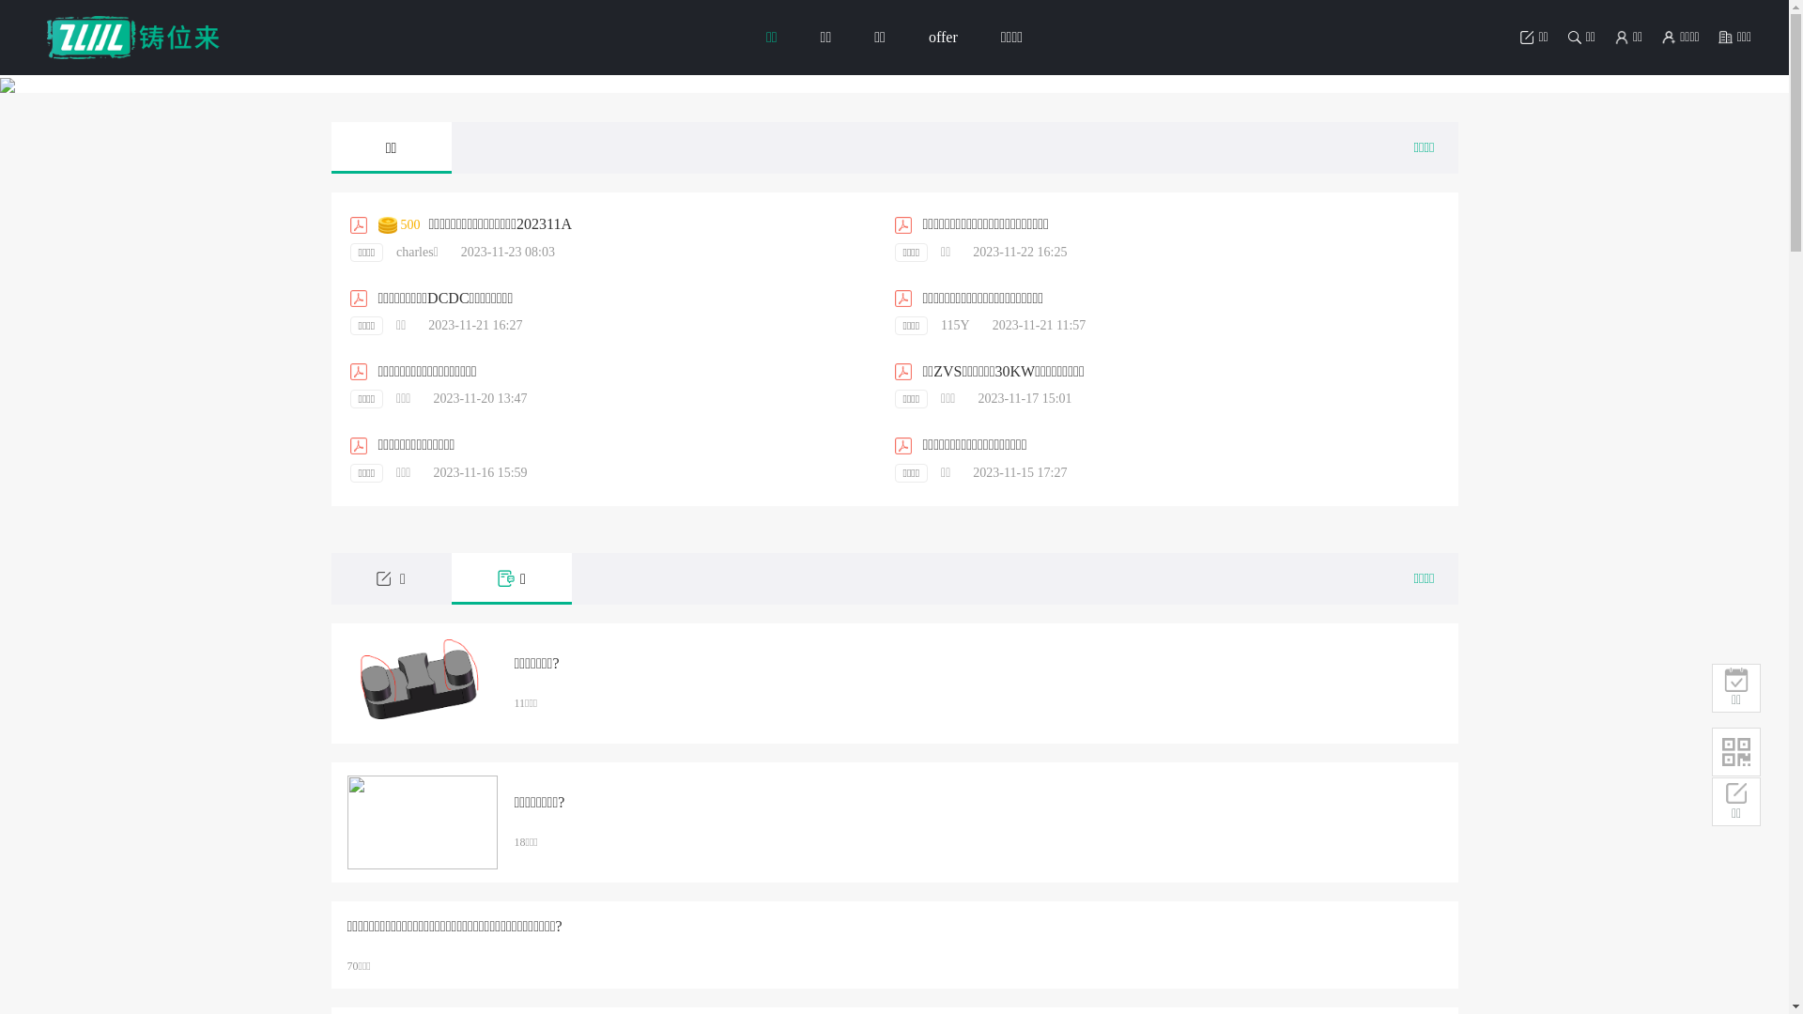  Describe the element at coordinates (943, 37) in the screenshot. I see `'offer'` at that location.